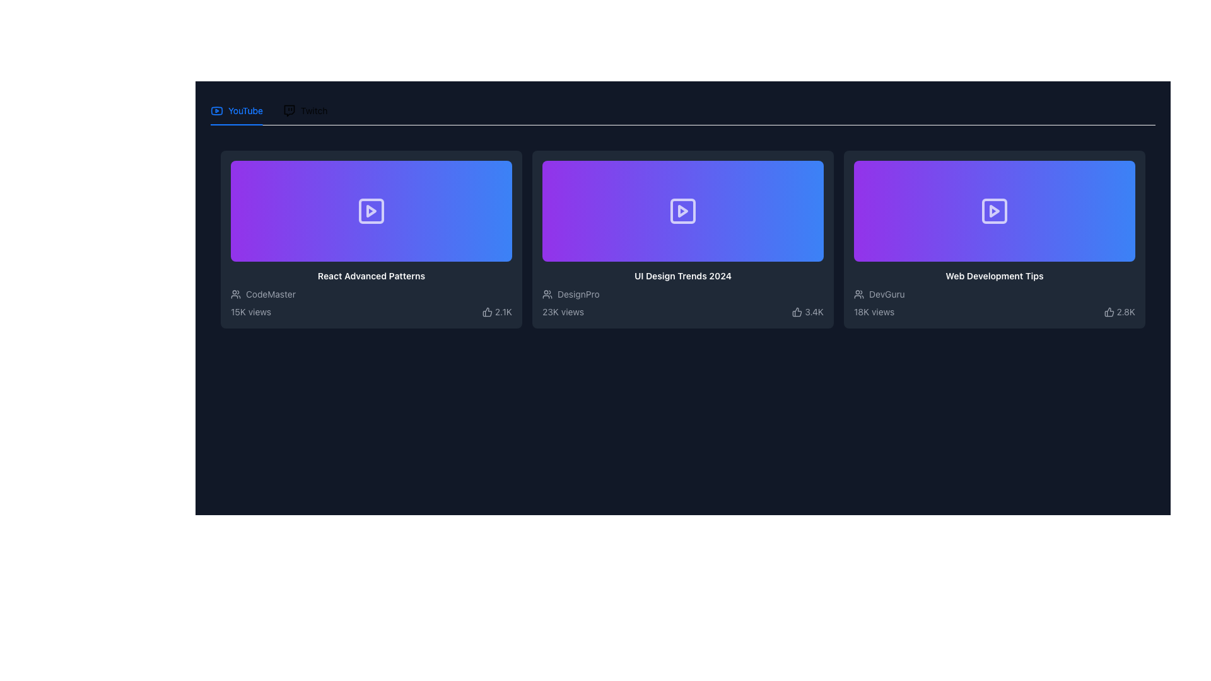 This screenshot has height=681, width=1211. I want to click on the play icon for the video titled 'UI Design Trends 2024', located at the center of the second video thumbnail, so click(682, 211).